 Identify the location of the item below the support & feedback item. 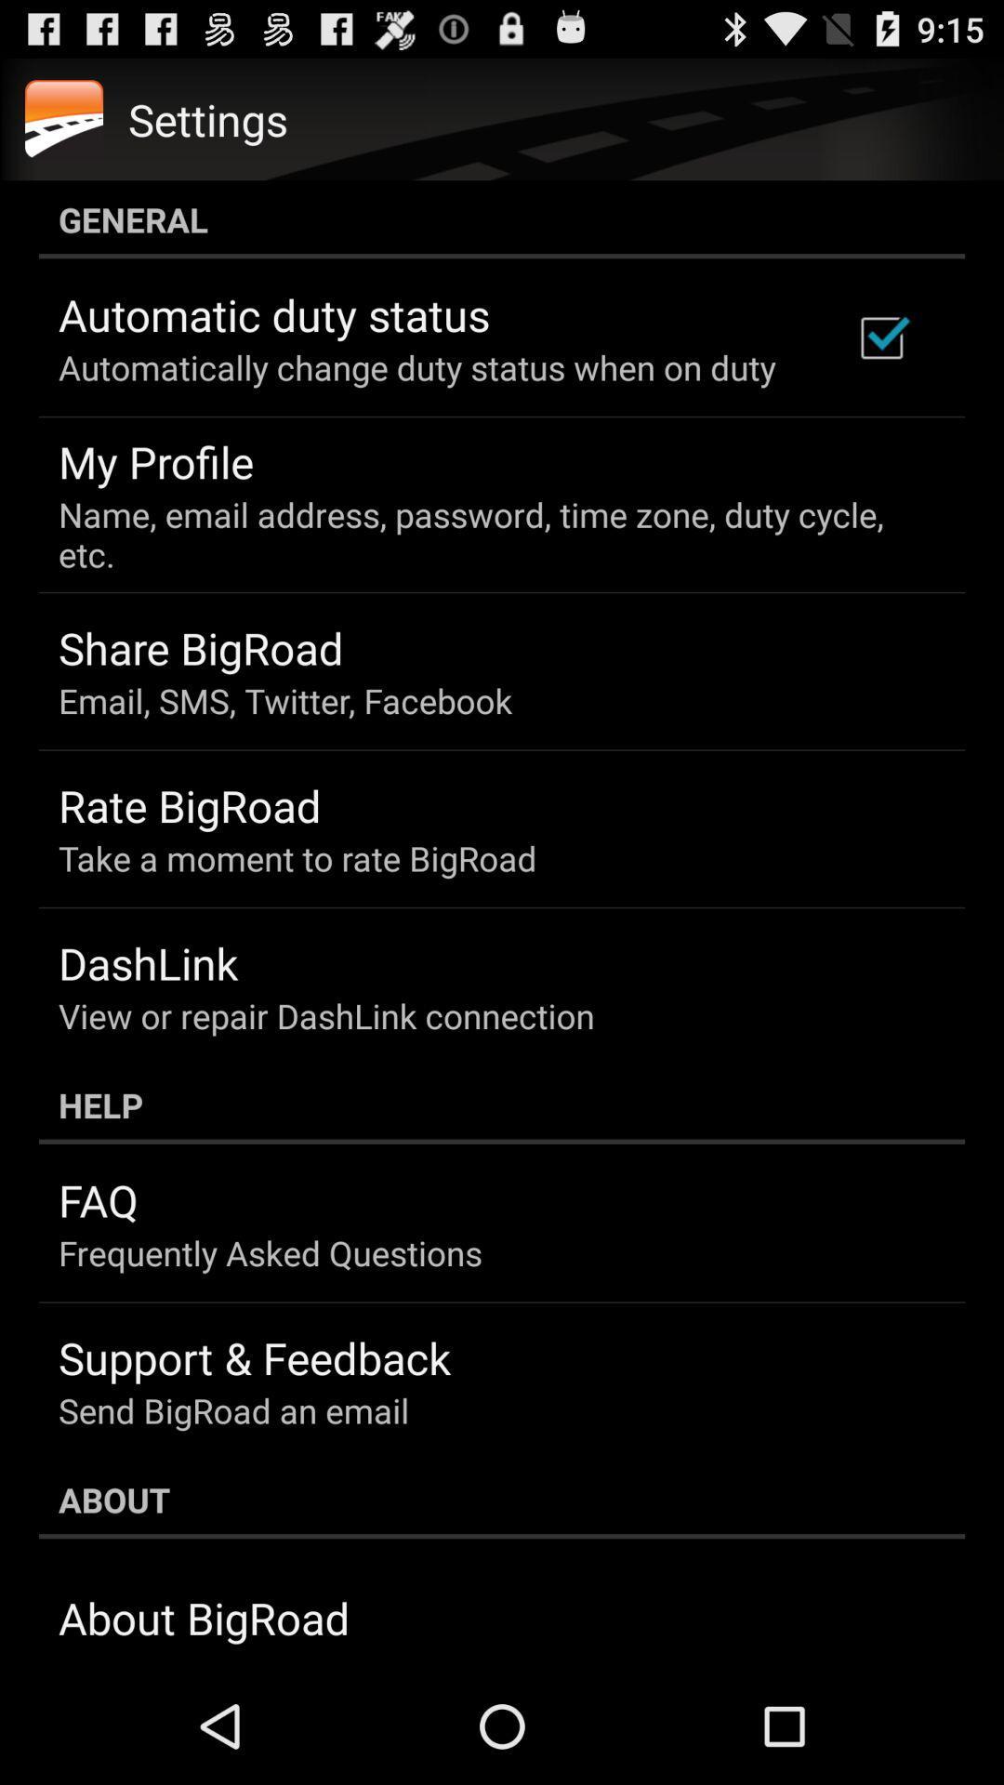
(232, 1410).